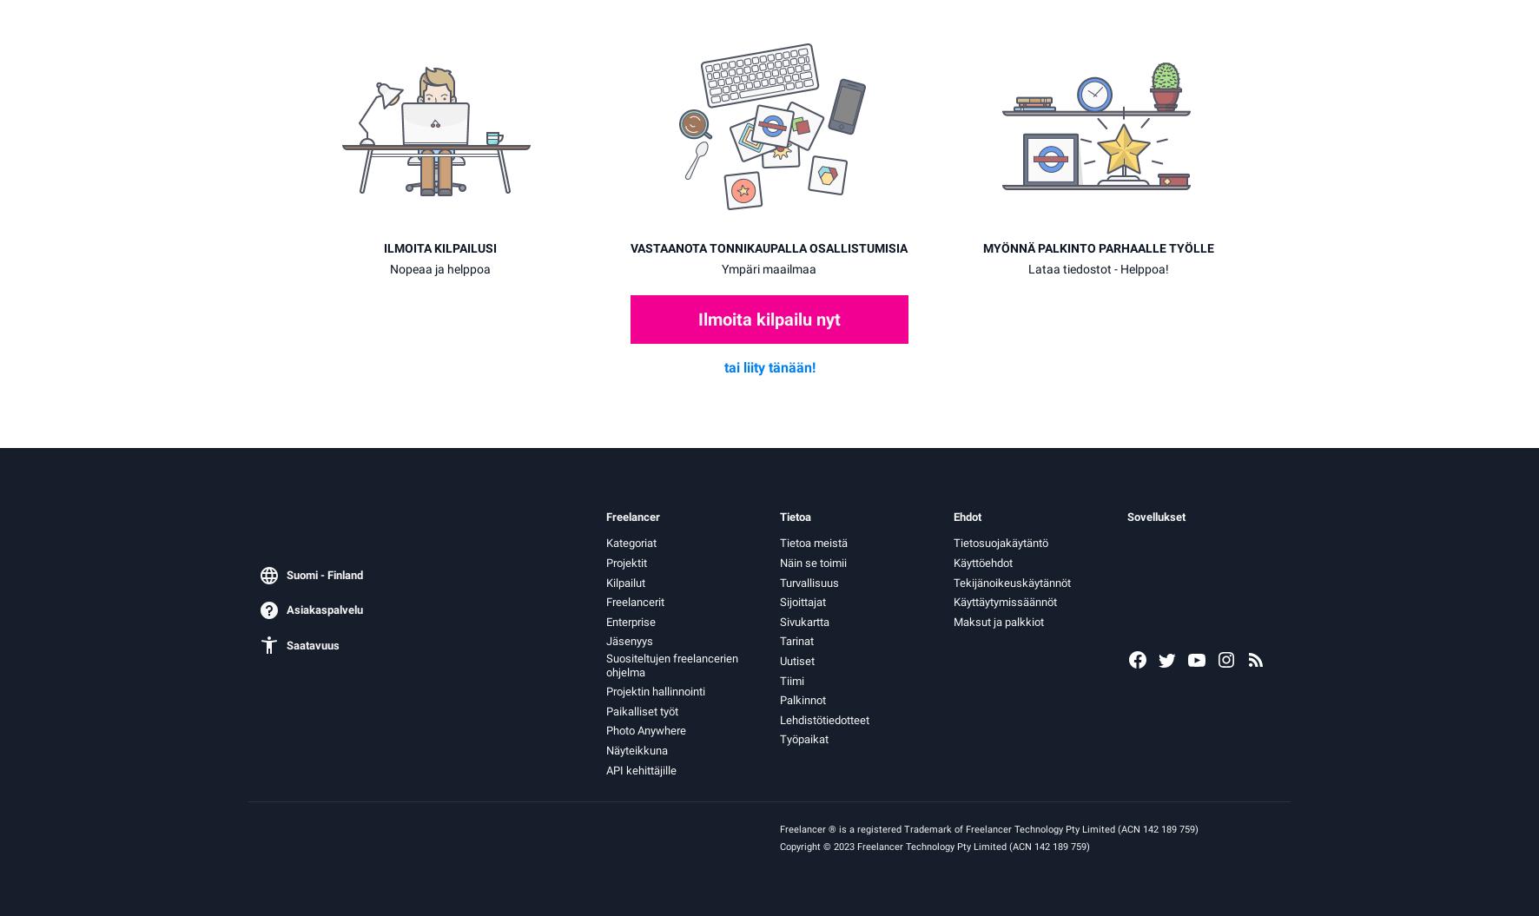 The width and height of the screenshot is (1539, 916). Describe the element at coordinates (803, 621) in the screenshot. I see `'Sivukartta'` at that location.